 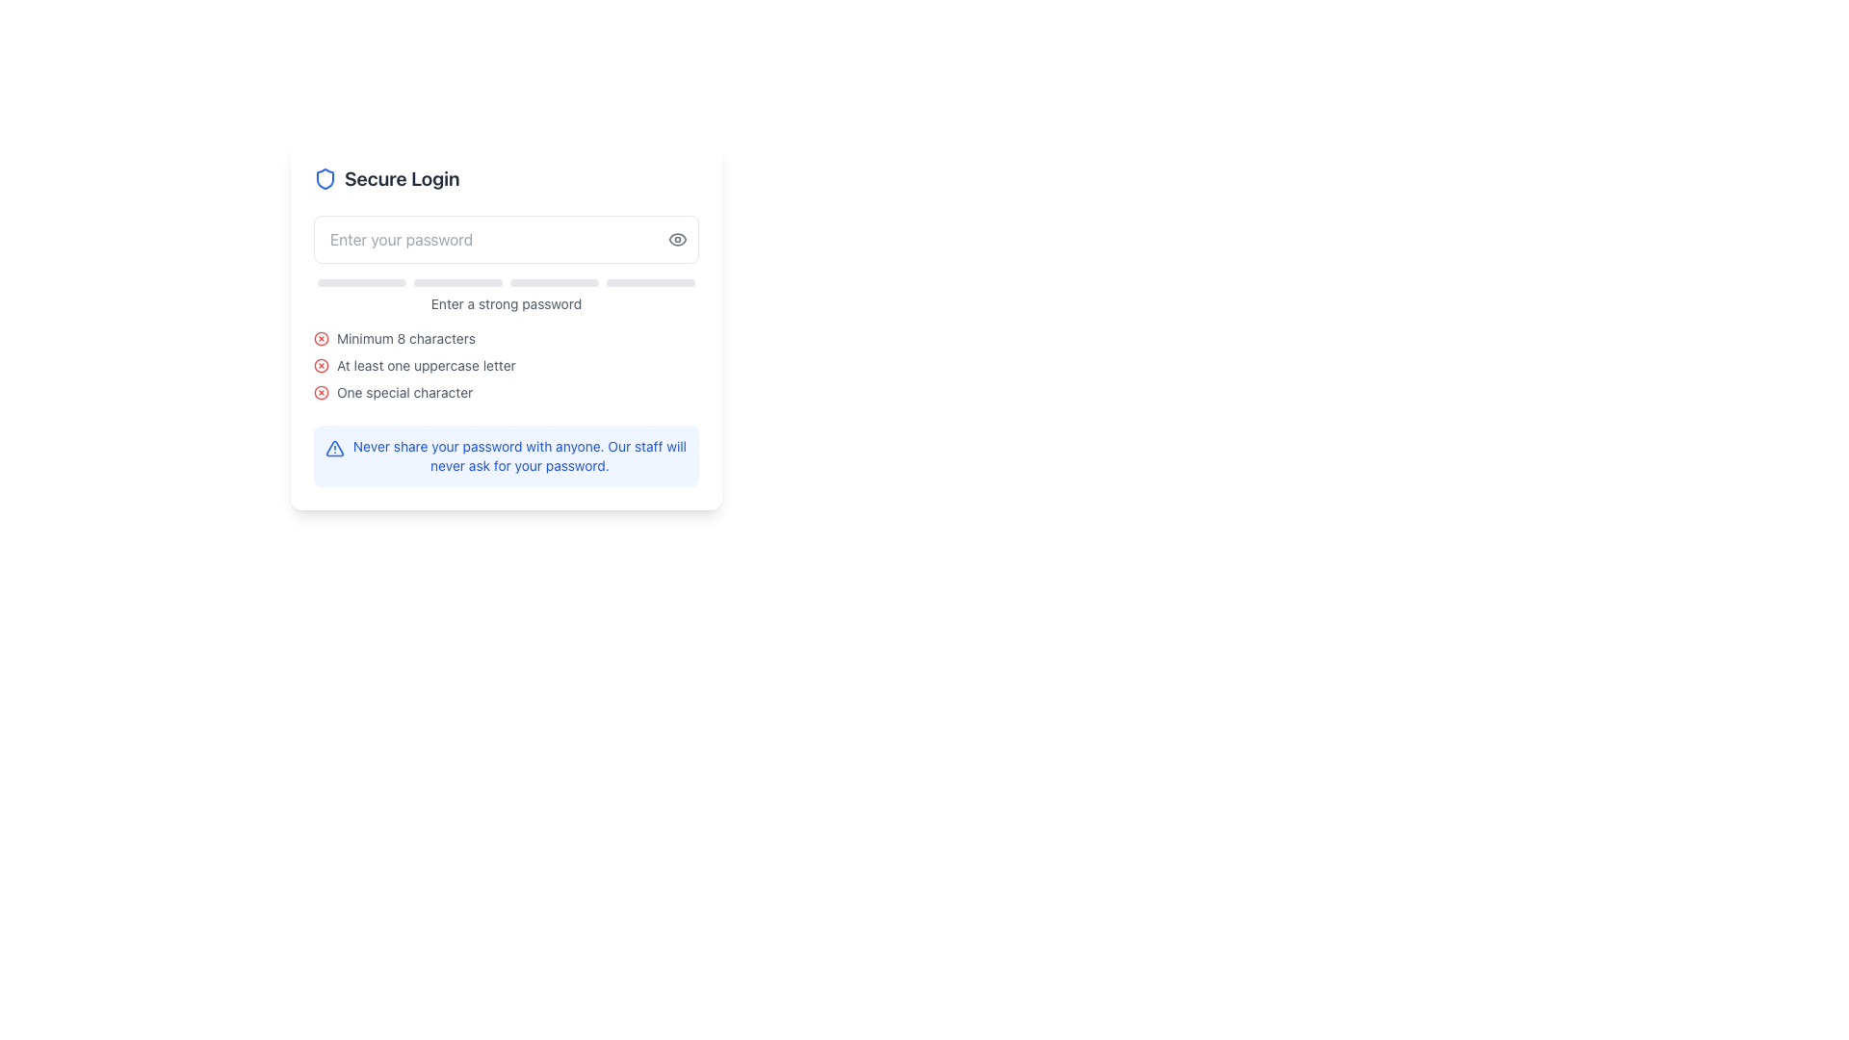 I want to click on the Password strength indicator bar, which is a horizontal bar composed of four rounded rectangle segments located below the password input field, so click(x=507, y=282).